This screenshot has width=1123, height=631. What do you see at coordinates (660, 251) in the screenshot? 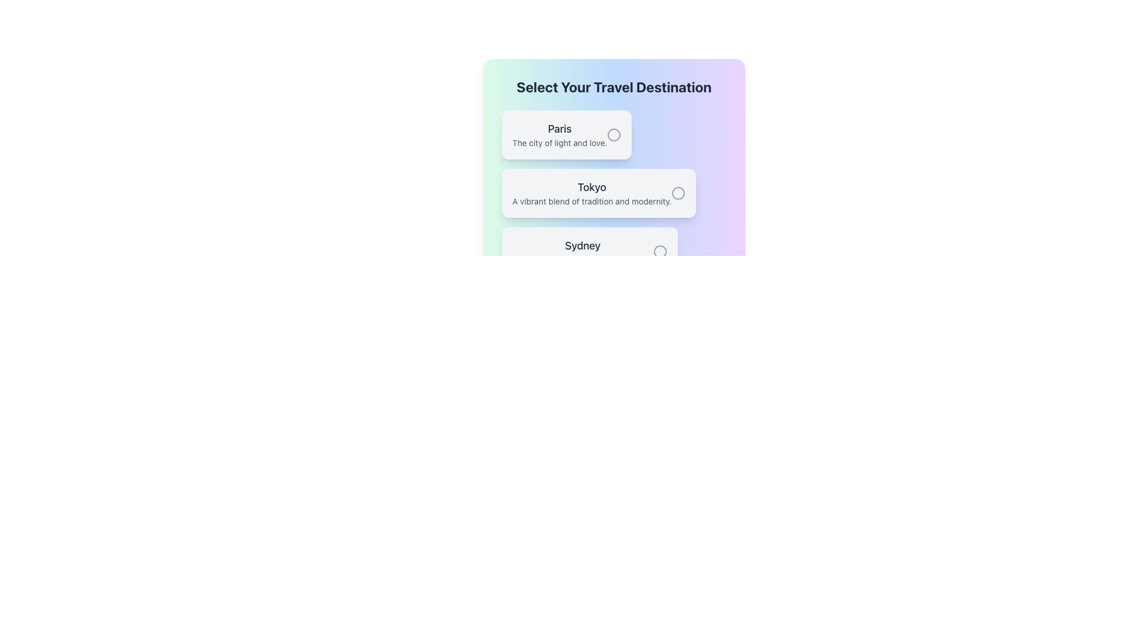
I see `the inner circle of the radio button associated with the 'Sydney' travel option` at bounding box center [660, 251].